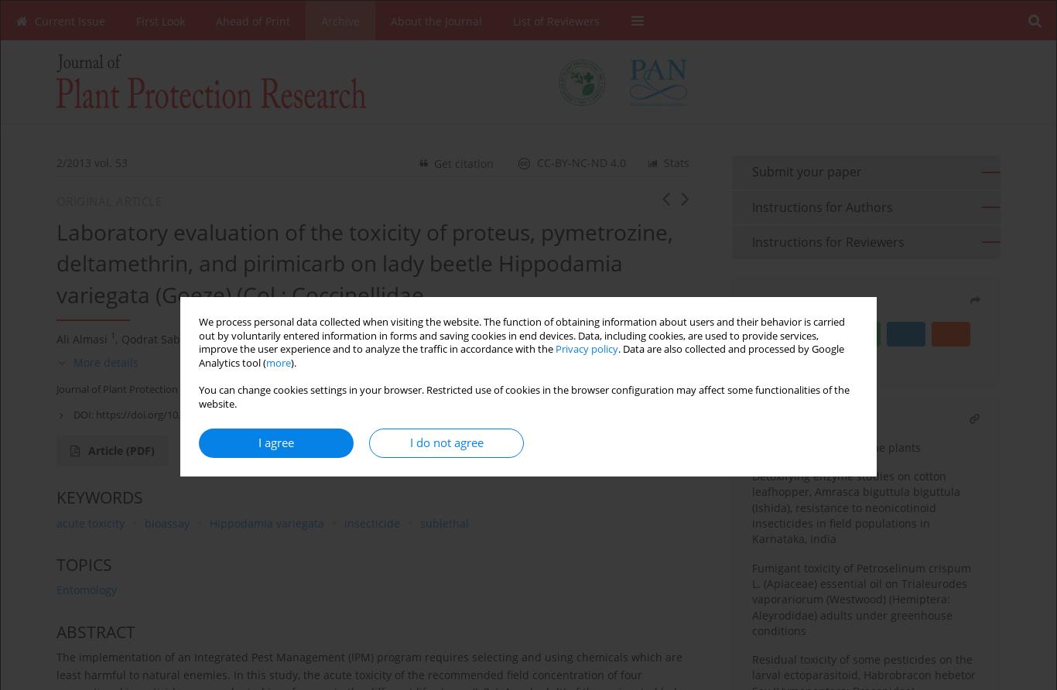 This screenshot has height=690, width=1057. I want to click on 'bioassay', so click(166, 522).